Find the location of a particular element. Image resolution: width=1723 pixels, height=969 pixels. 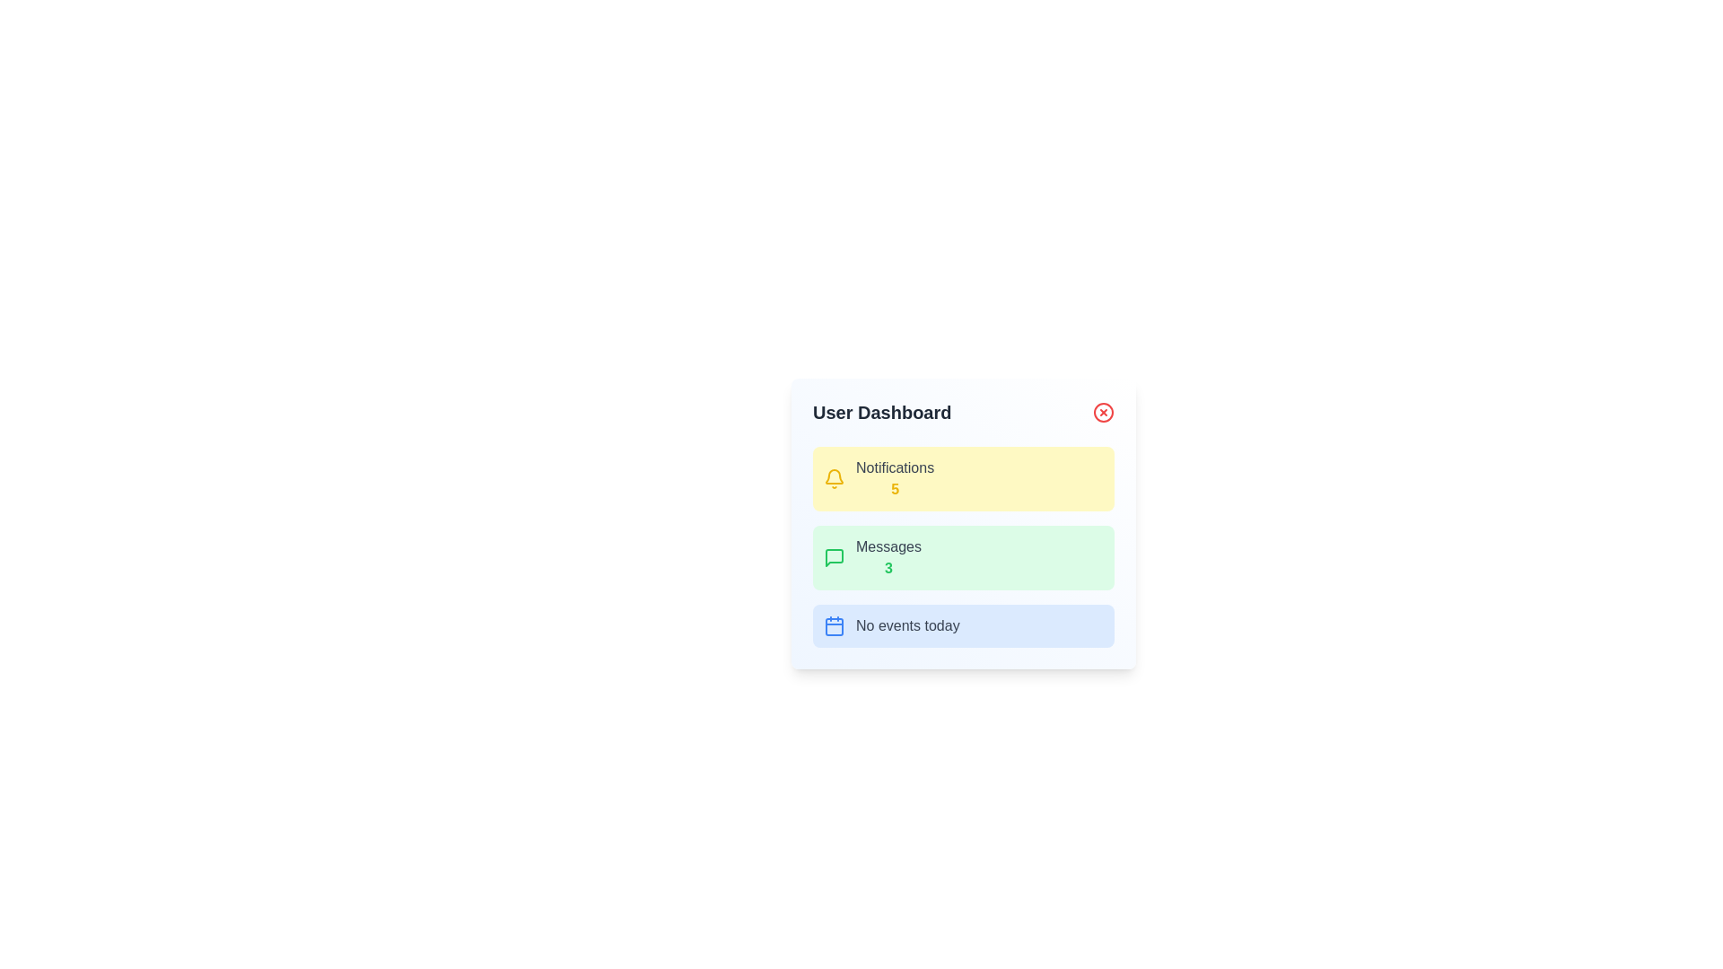

the notification bell icon located at the upper-left corner of the yellow 'Notifications' card in the 'User Dashboard' interface is located at coordinates (834, 476).